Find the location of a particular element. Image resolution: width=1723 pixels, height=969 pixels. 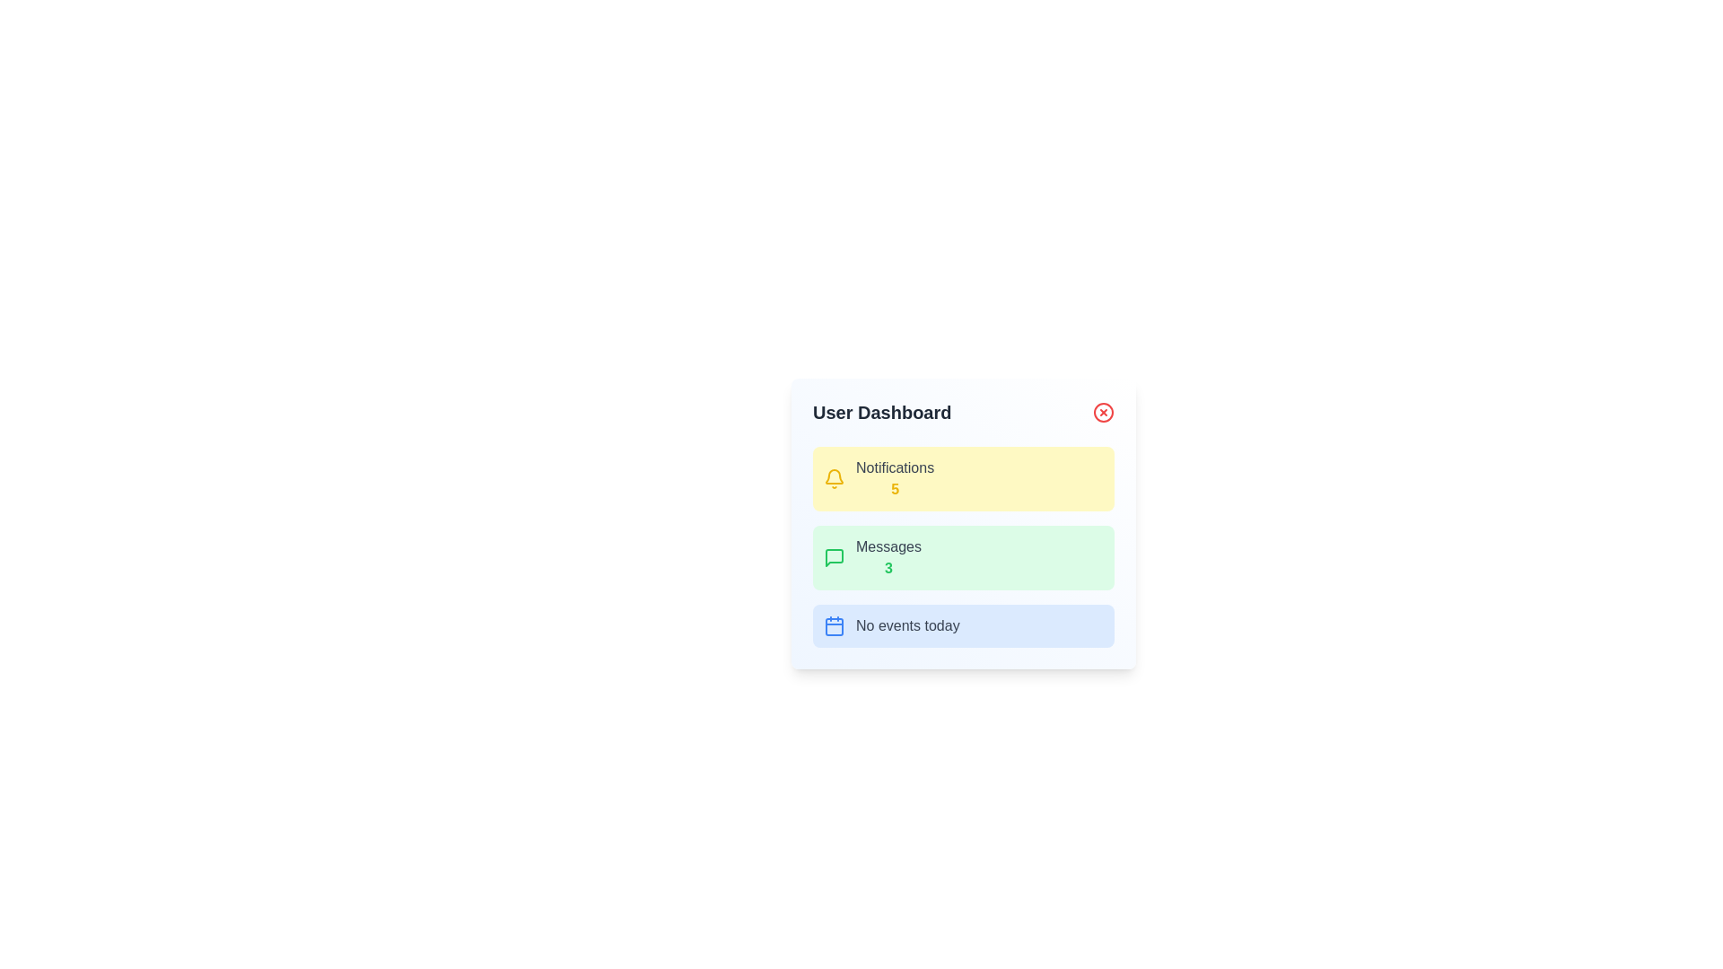

the notification bell icon located at the upper-left corner of the yellow 'Notifications' card in the 'User Dashboard' interface is located at coordinates (834, 476).